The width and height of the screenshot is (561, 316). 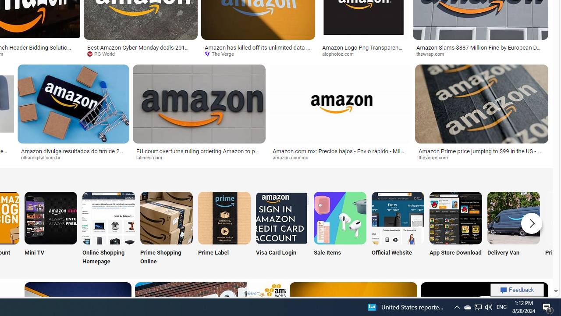 What do you see at coordinates (397, 217) in the screenshot?
I see `'Amazon Official Website'` at bounding box center [397, 217].